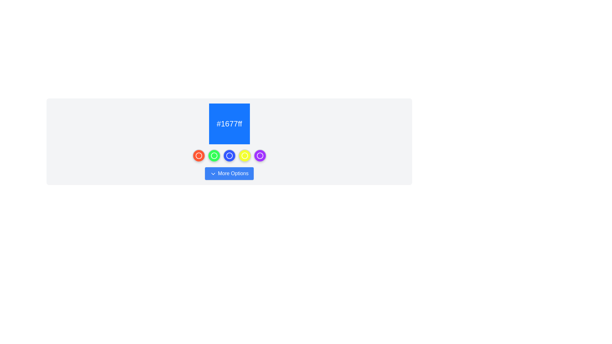  I want to click on the first circular button from the left, which is orange and has a target-like icon, so click(198, 156).